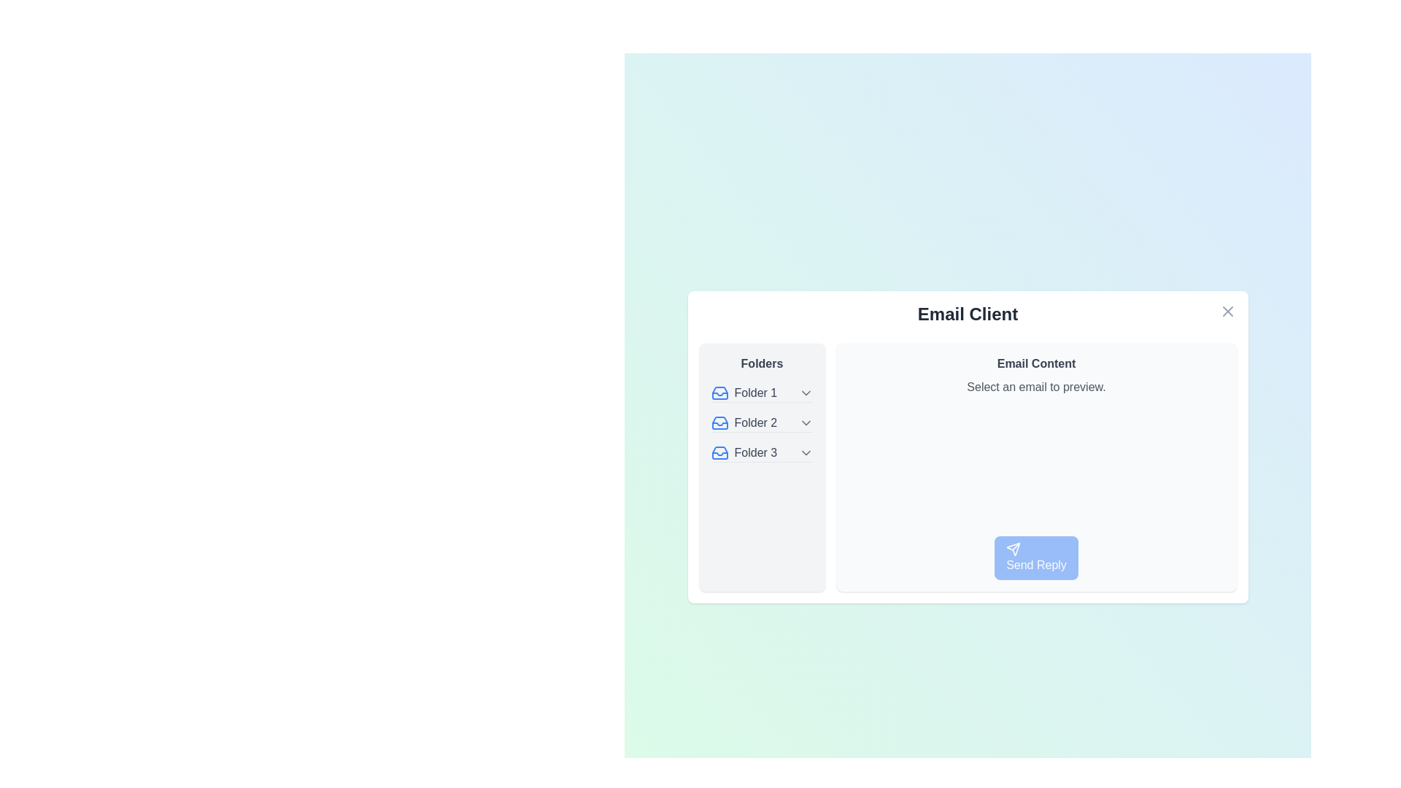 The width and height of the screenshot is (1401, 788). I want to click on the static text label that identifies the folder option, positioned as the first entry in a vertical list within the 'Folders' section, so click(755, 393).